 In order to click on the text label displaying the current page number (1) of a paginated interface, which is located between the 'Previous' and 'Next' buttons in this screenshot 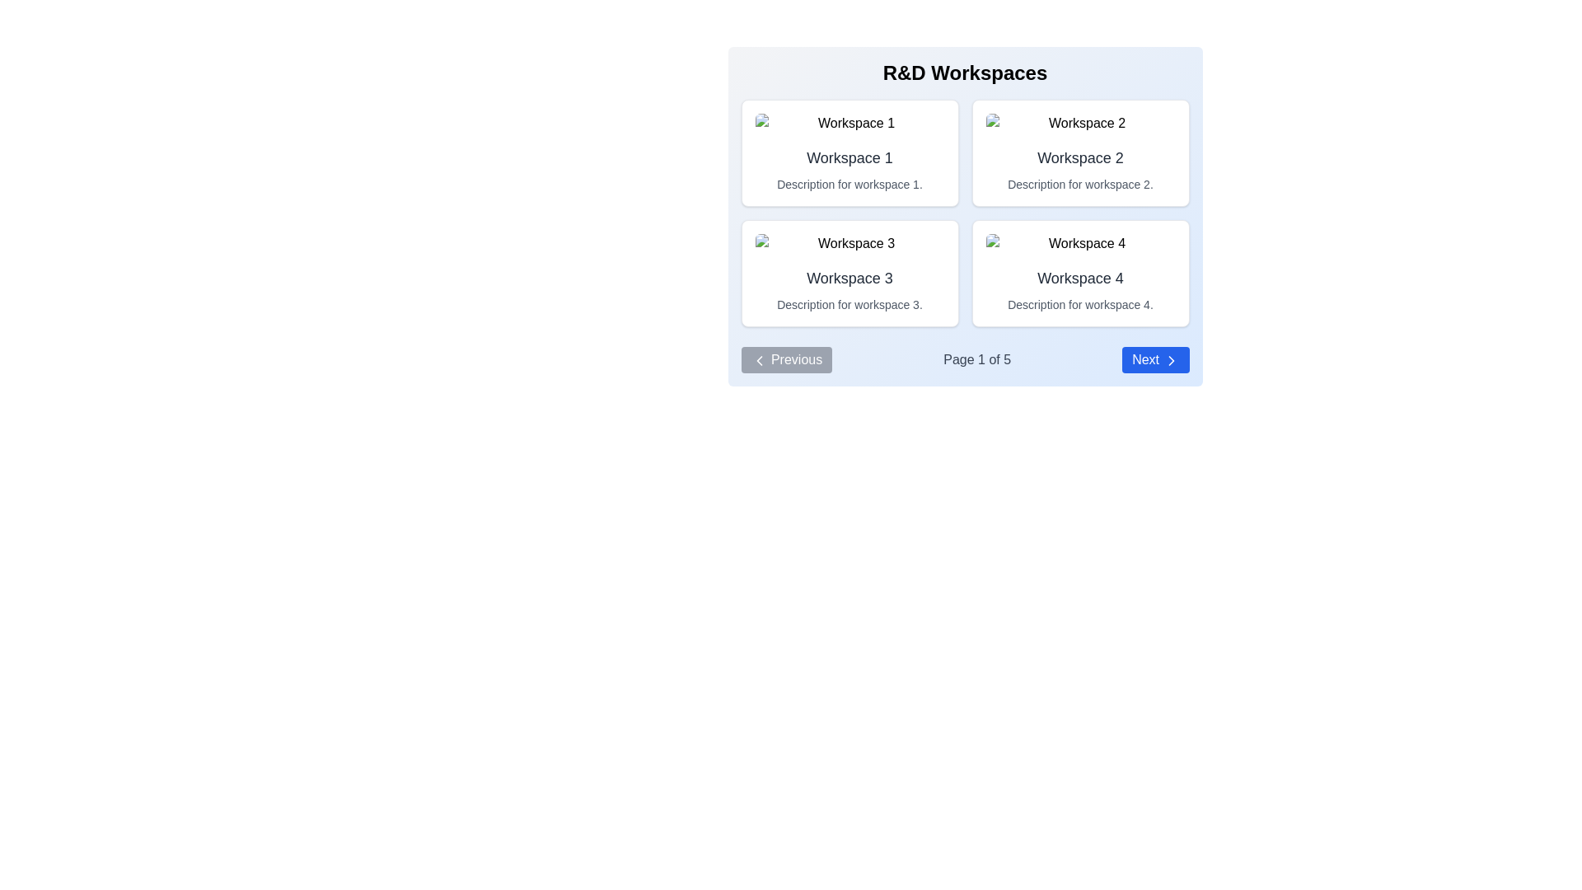, I will do `click(977, 358)`.